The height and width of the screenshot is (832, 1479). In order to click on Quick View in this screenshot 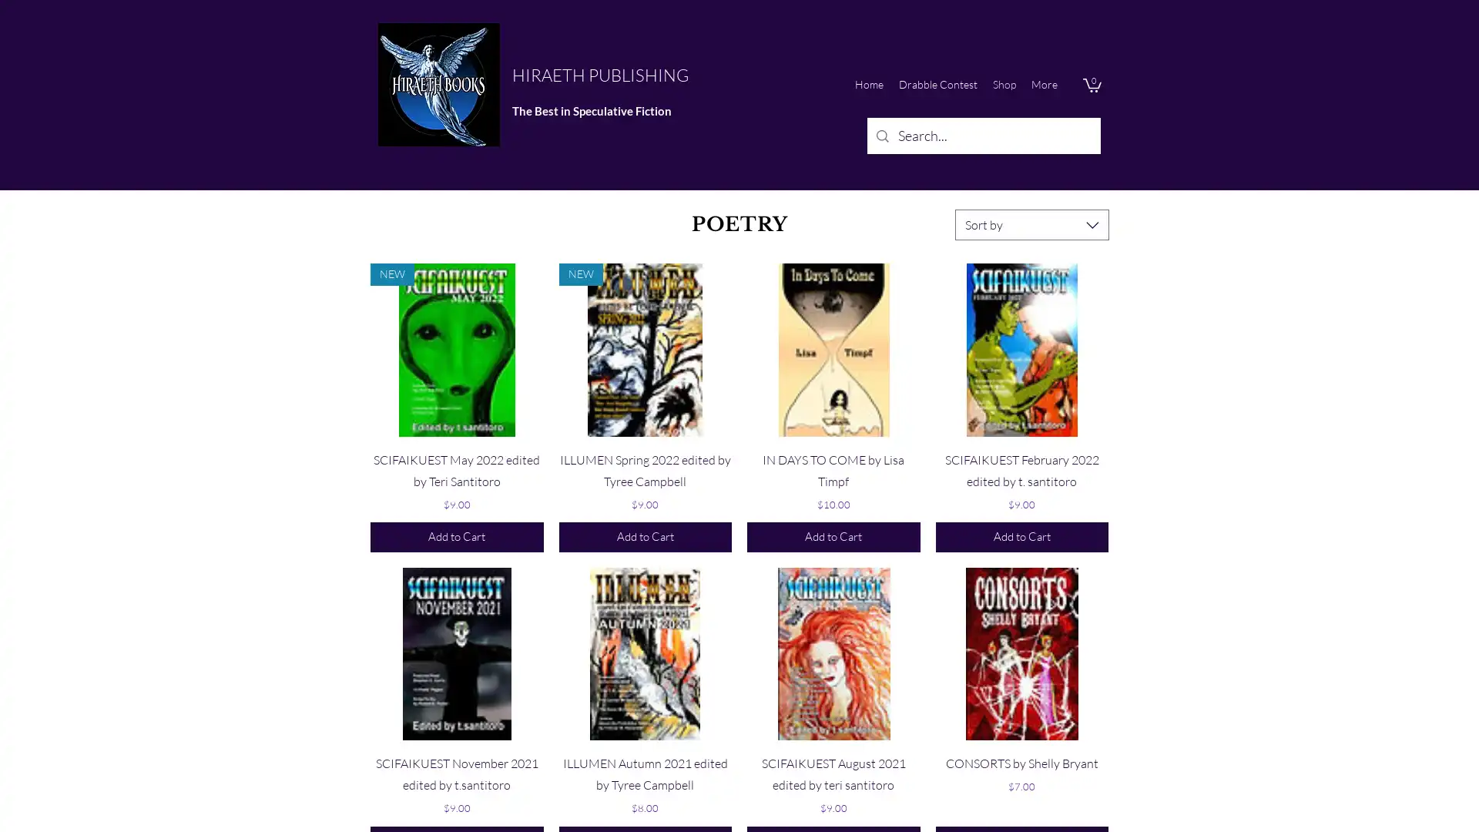, I will do `click(1021, 759)`.